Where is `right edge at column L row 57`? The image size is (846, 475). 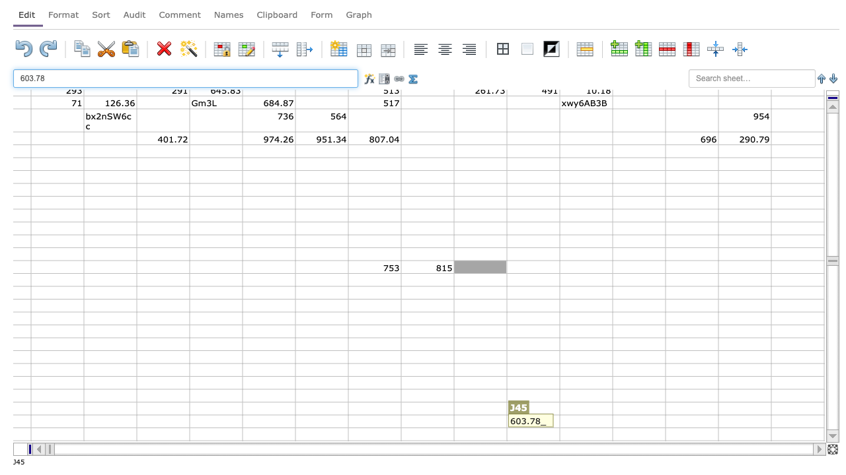 right edge at column L row 57 is located at coordinates (611, 421).